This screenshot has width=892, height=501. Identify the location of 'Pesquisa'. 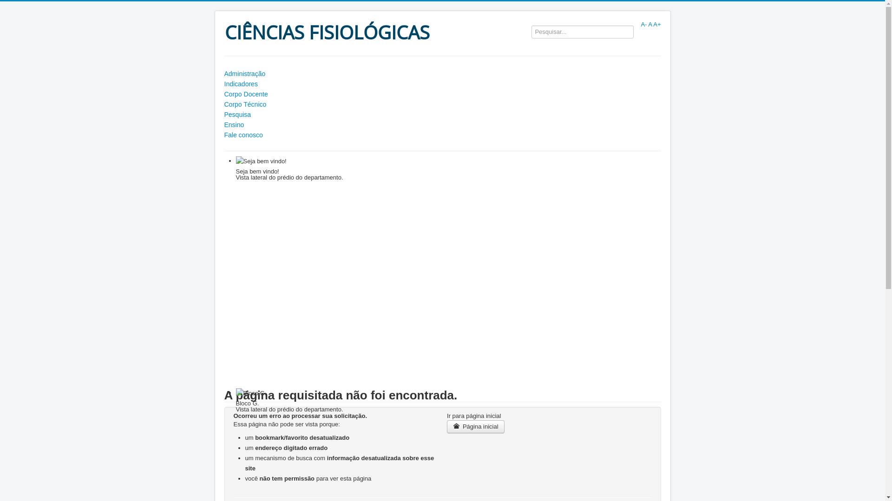
(223, 114).